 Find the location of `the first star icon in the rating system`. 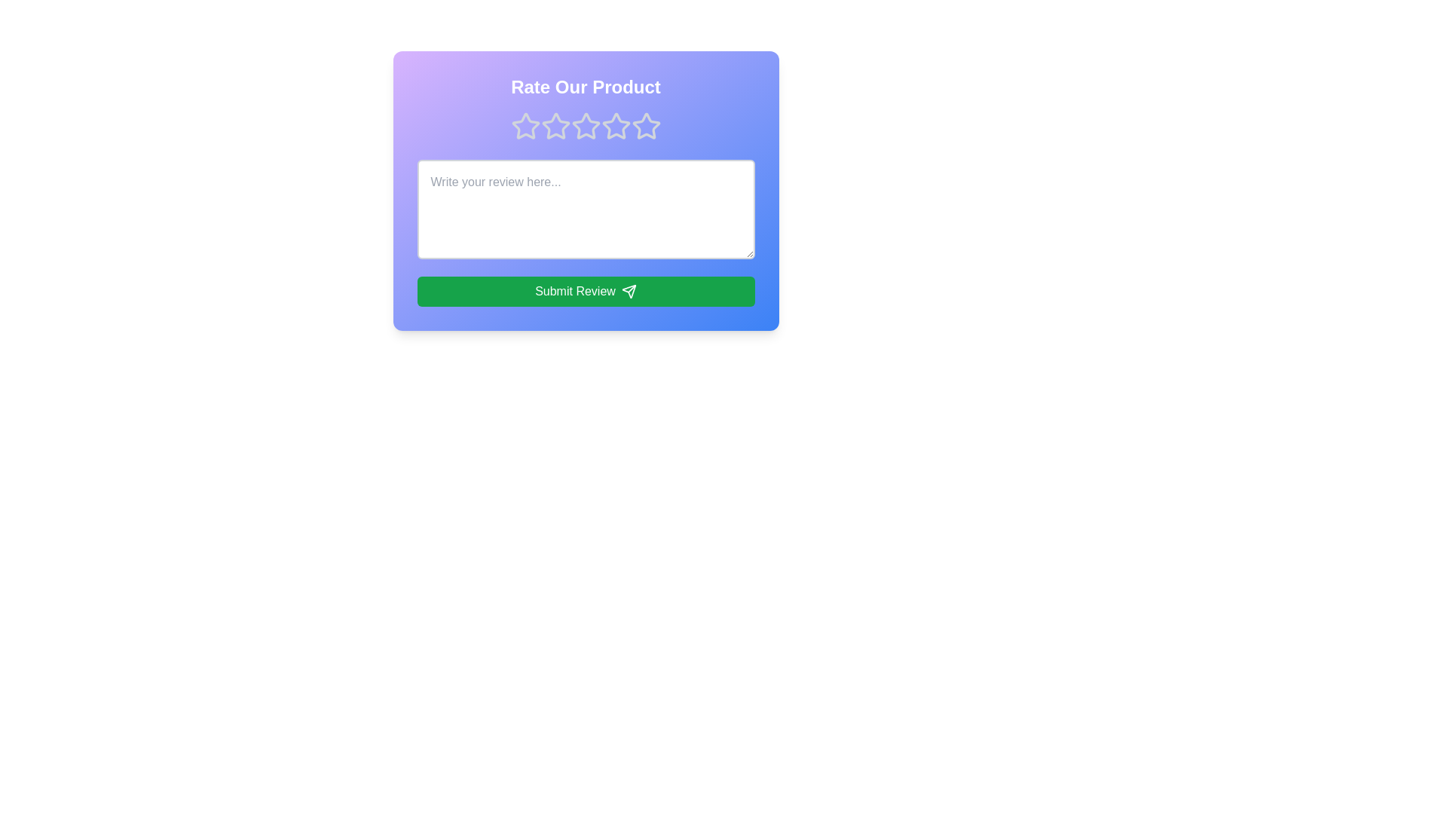

the first star icon in the rating system is located at coordinates (525, 126).